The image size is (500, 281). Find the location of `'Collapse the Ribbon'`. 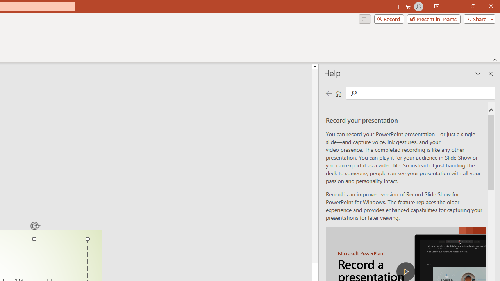

'Collapse the Ribbon' is located at coordinates (495, 59).